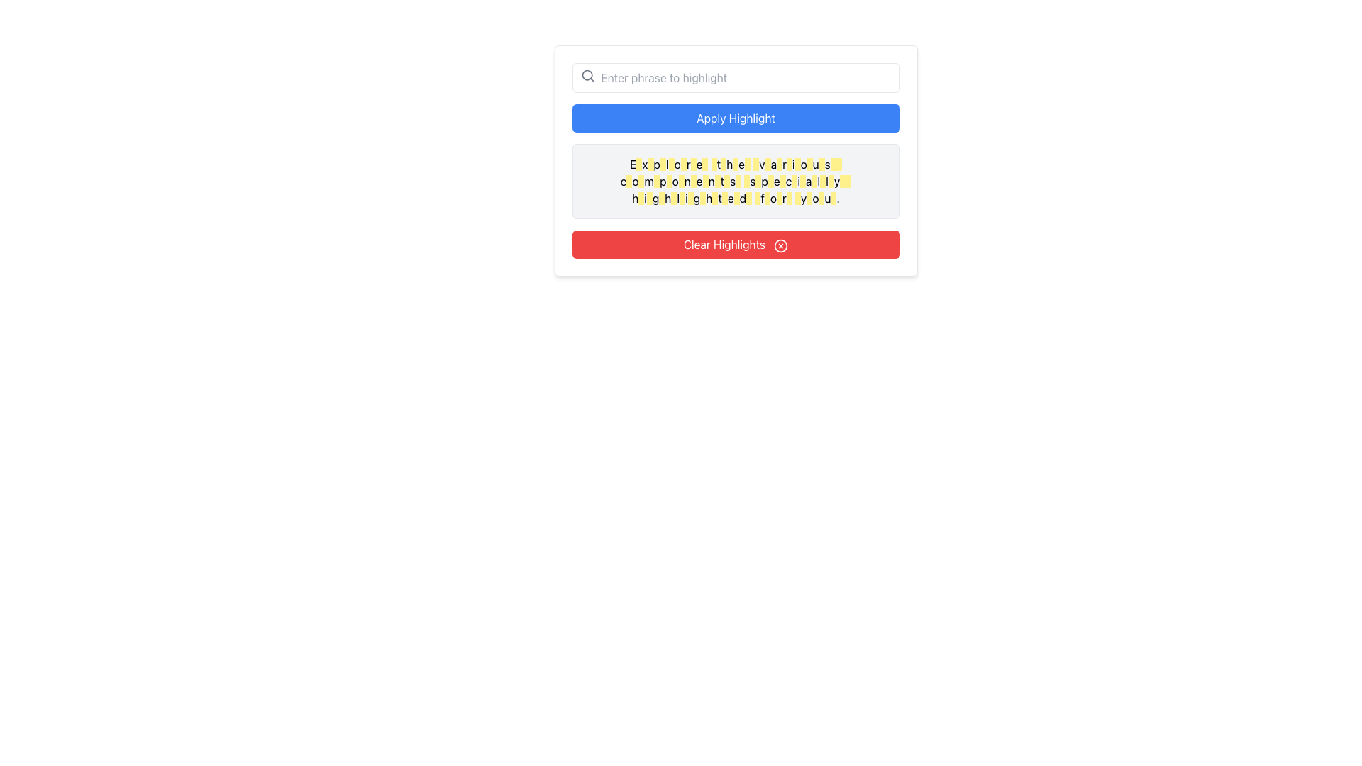 This screenshot has height=766, width=1362. Describe the element at coordinates (770, 180) in the screenshot. I see `the small rectangular inline component with a light yellow background located under the 'Explore the various components specially highlighted for you' paragraph, which is the 13th emphasized word in the second line` at that location.